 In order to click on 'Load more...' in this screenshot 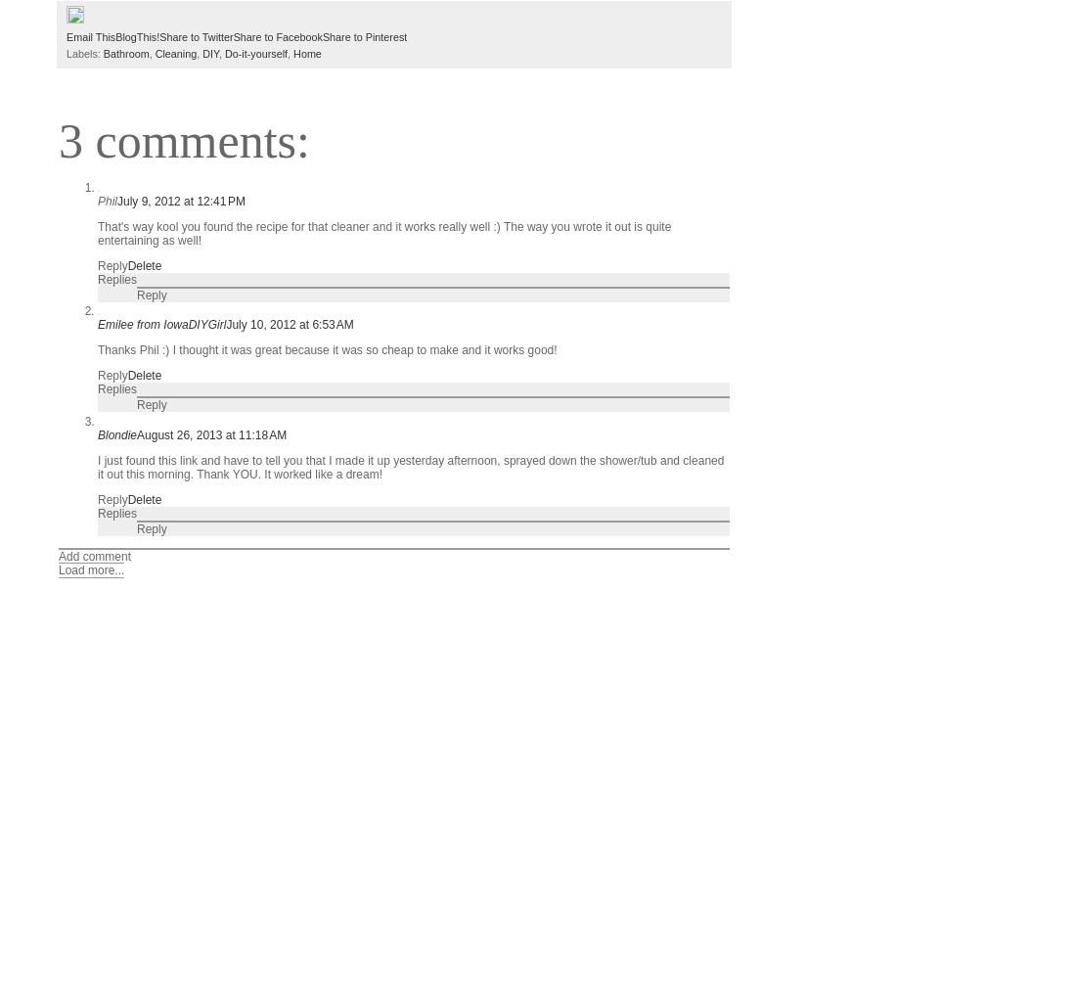, I will do `click(91, 569)`.